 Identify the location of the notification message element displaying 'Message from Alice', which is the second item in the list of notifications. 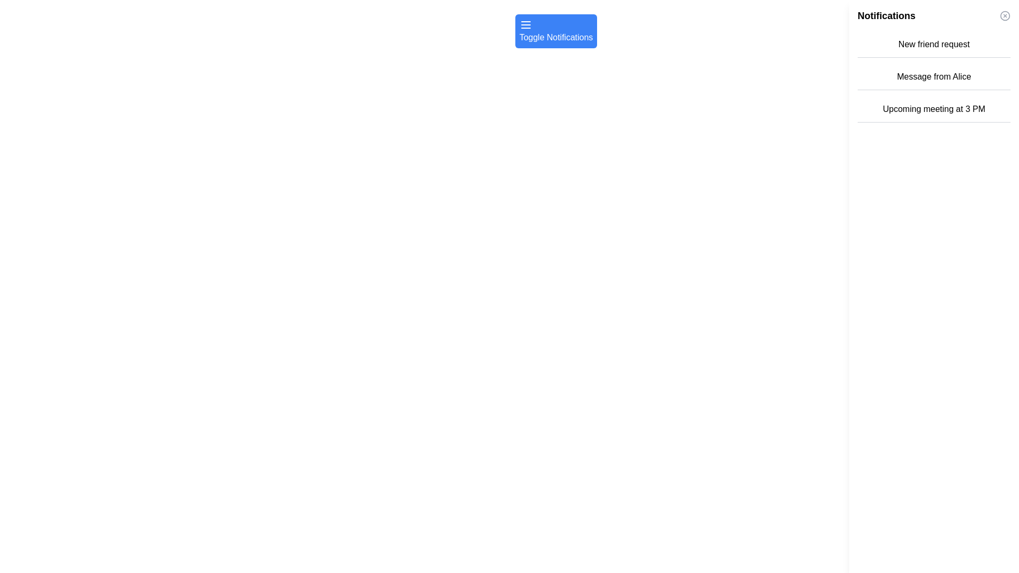
(934, 76).